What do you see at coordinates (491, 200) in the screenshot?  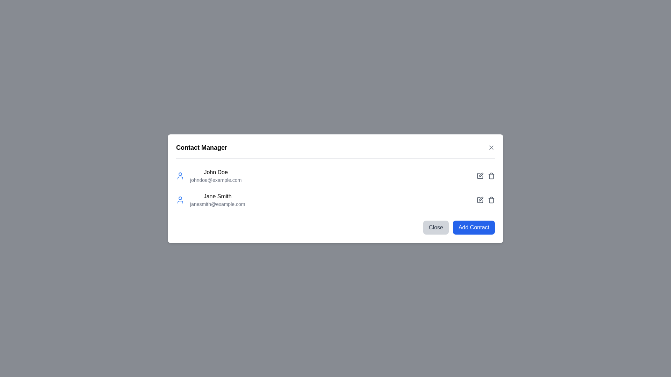 I see `the delete button located` at bounding box center [491, 200].